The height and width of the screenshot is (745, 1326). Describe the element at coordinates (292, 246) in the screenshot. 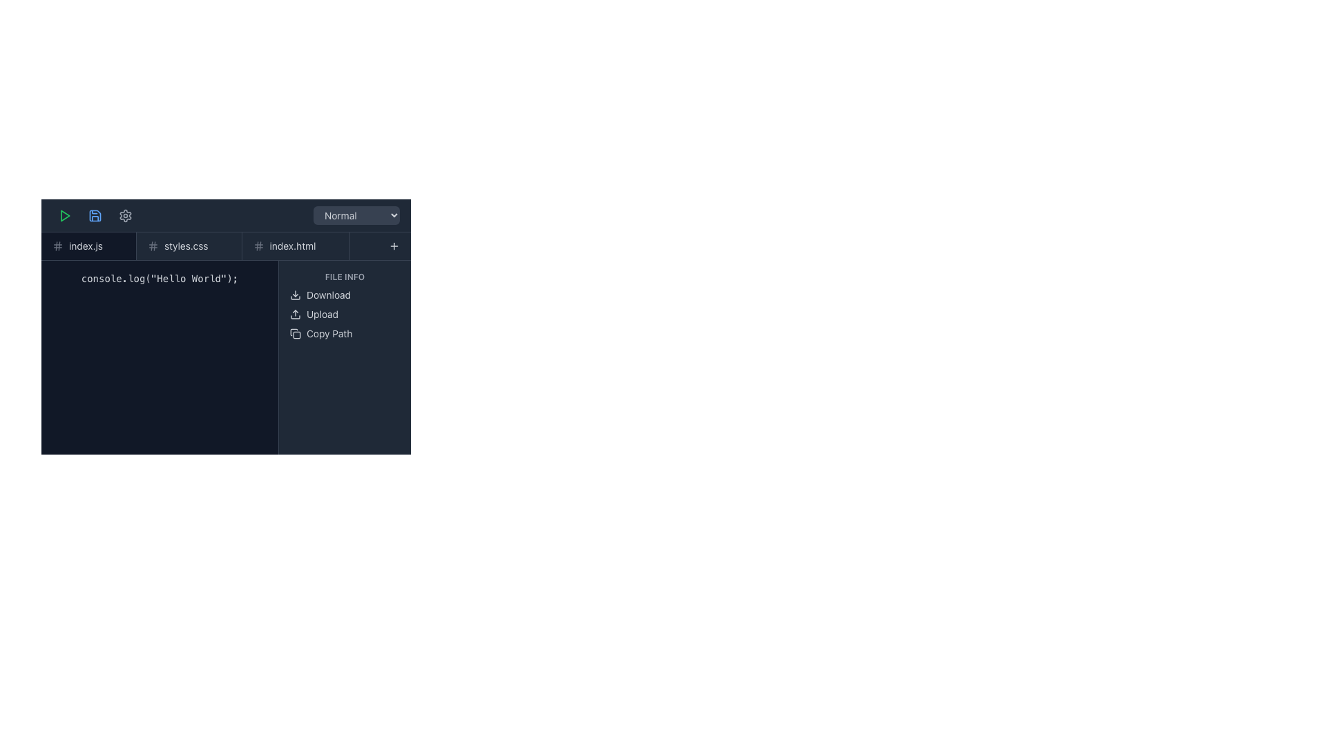

I see `the text label 'index.html' which is the third file tab in a row of tabs in a code editor interface` at that location.